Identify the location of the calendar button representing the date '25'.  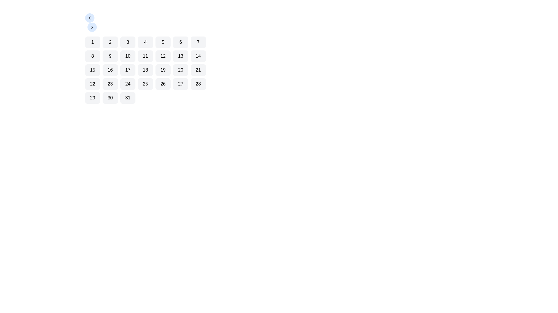
(145, 84).